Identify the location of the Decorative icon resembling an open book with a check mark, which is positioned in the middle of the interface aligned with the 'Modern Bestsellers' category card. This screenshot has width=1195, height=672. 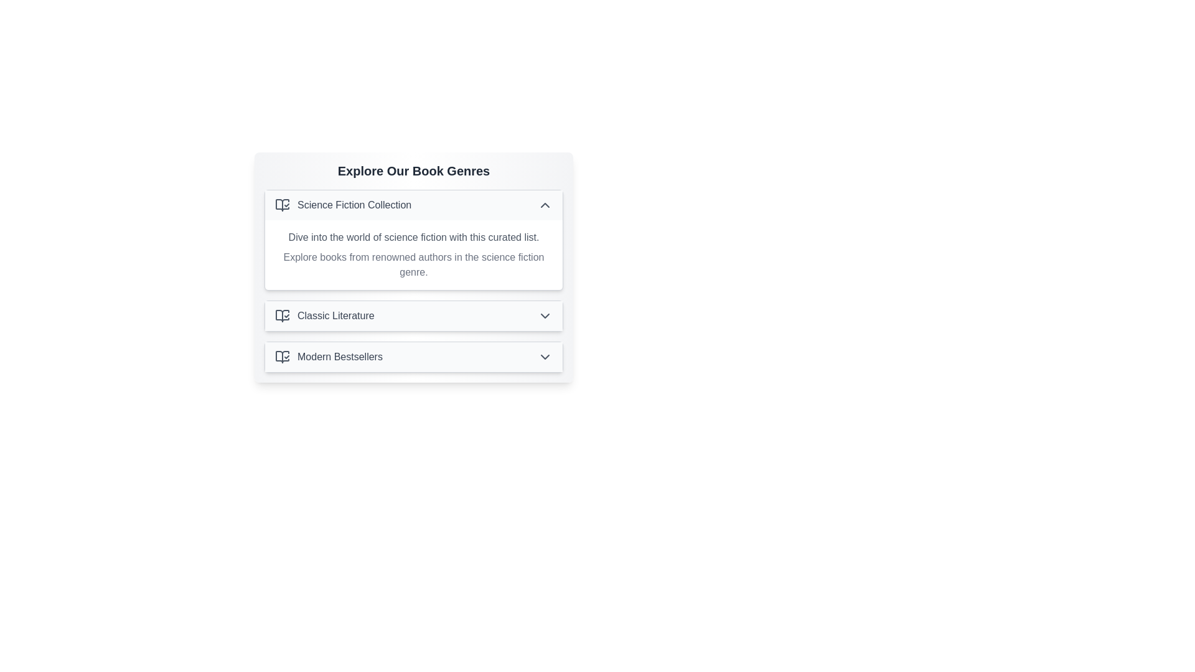
(282, 315).